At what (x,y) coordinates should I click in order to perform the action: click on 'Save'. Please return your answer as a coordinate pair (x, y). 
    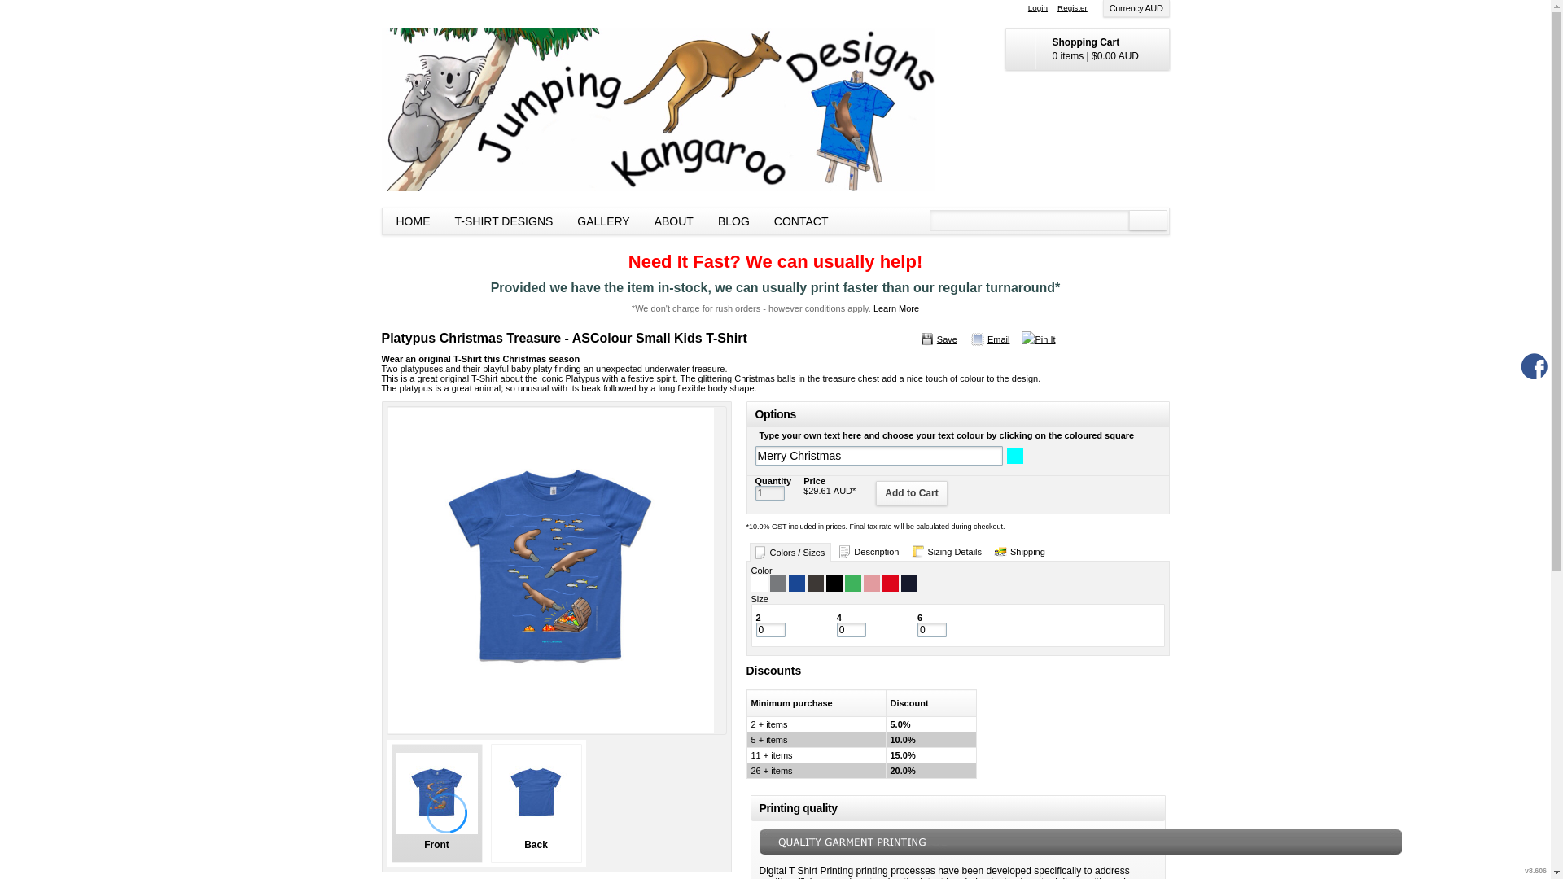
    Looking at the image, I should click on (918, 338).